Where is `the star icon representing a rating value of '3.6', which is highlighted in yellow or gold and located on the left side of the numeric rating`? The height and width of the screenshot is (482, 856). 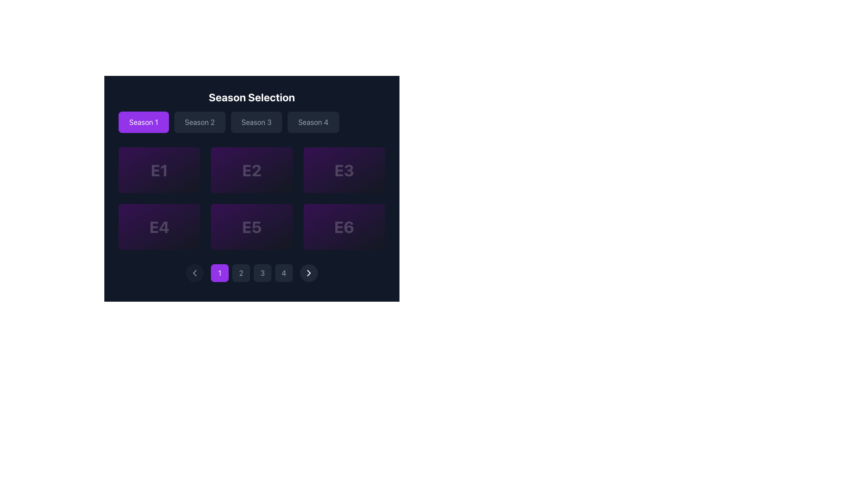
the star icon representing a rating value of '3.6', which is highlighted in yellow or gold and located on the left side of the numeric rating is located at coordinates (128, 203).